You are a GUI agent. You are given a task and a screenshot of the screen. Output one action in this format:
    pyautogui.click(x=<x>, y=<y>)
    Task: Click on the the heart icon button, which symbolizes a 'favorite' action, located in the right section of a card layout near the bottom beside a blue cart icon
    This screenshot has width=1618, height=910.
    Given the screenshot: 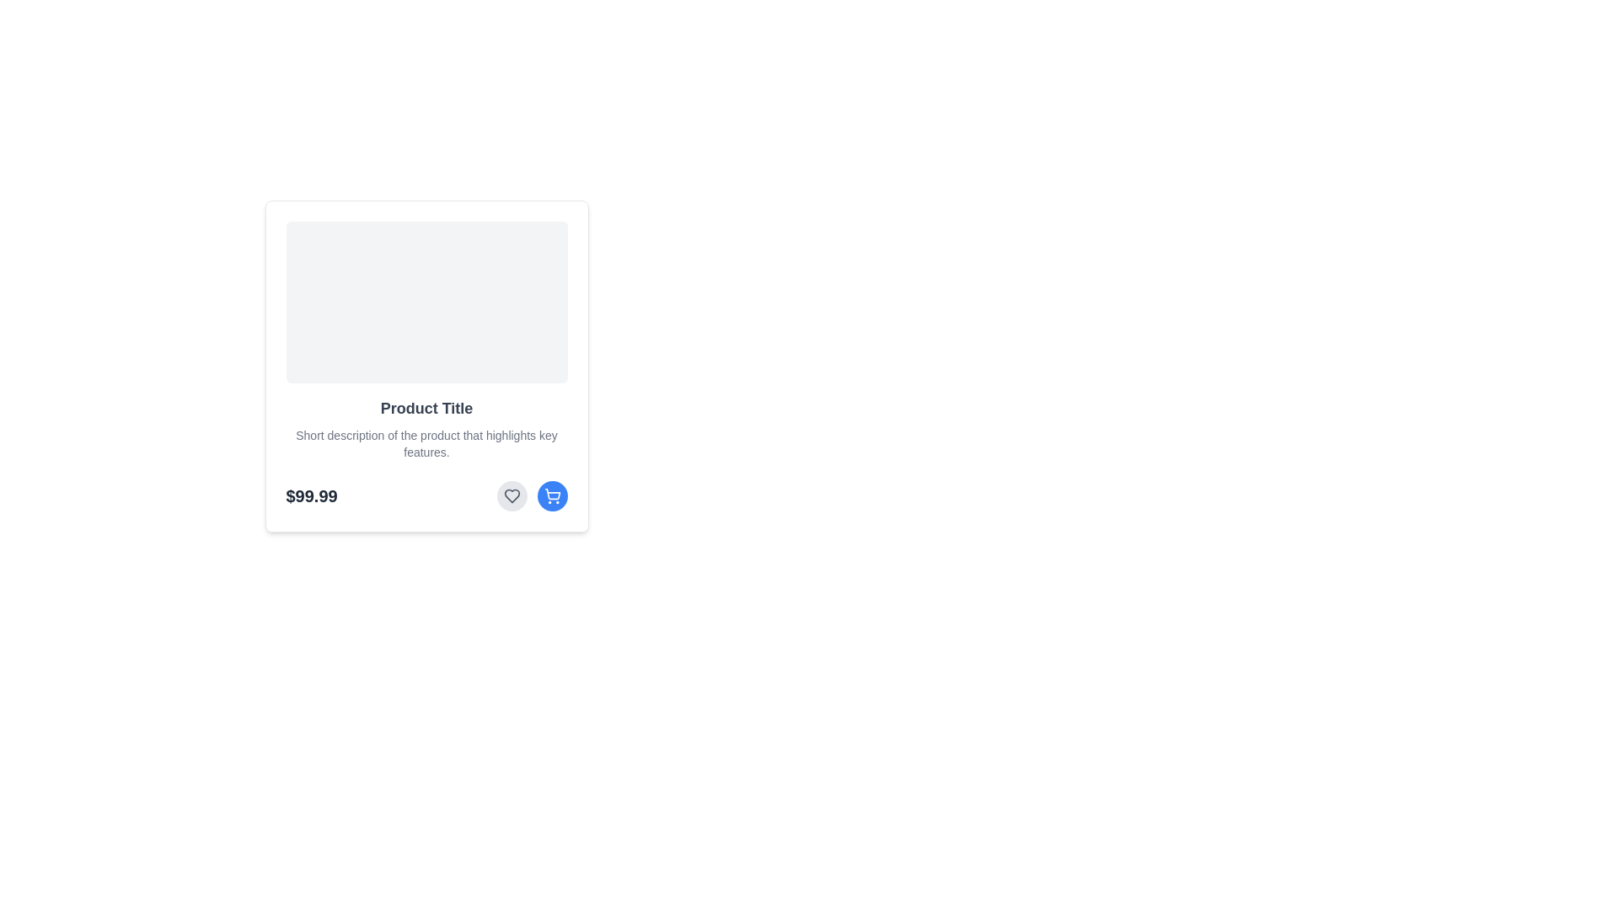 What is the action you would take?
    pyautogui.click(x=511, y=495)
    